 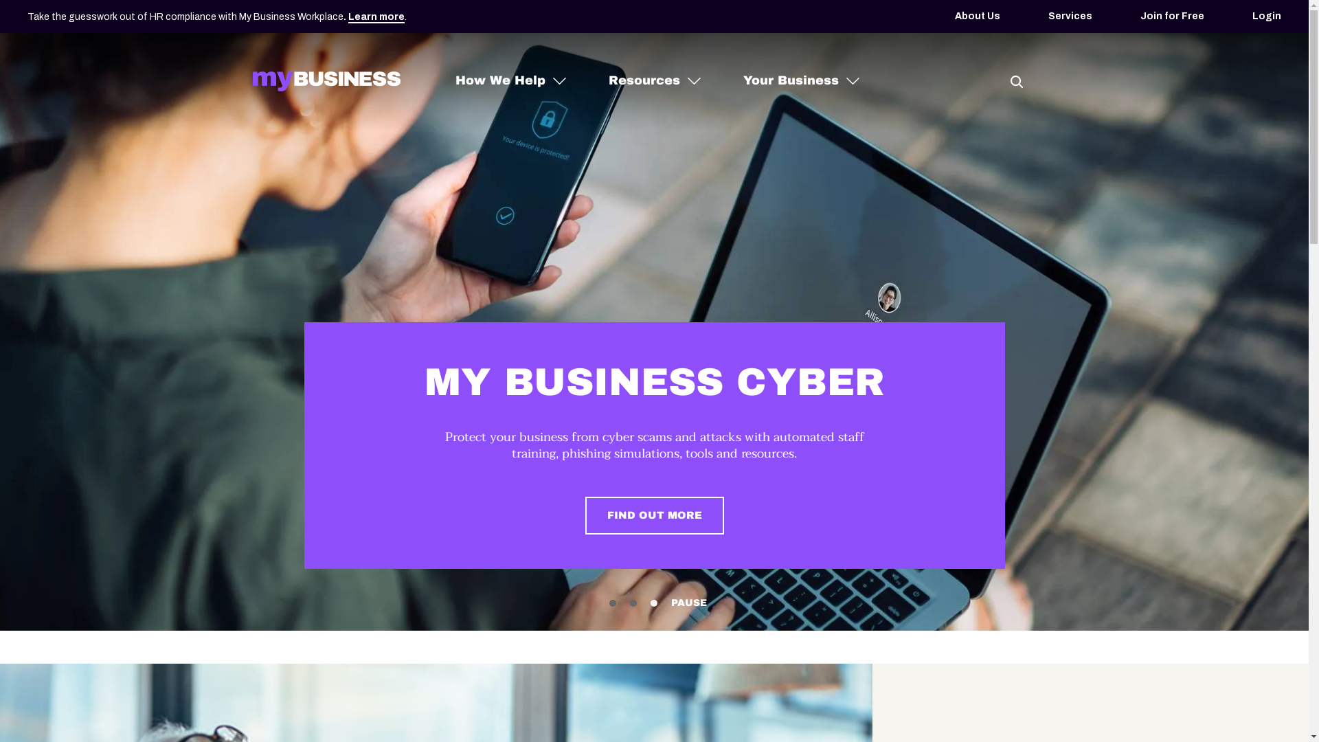 I want to click on 'FIND OUT MORE', so click(x=654, y=515).